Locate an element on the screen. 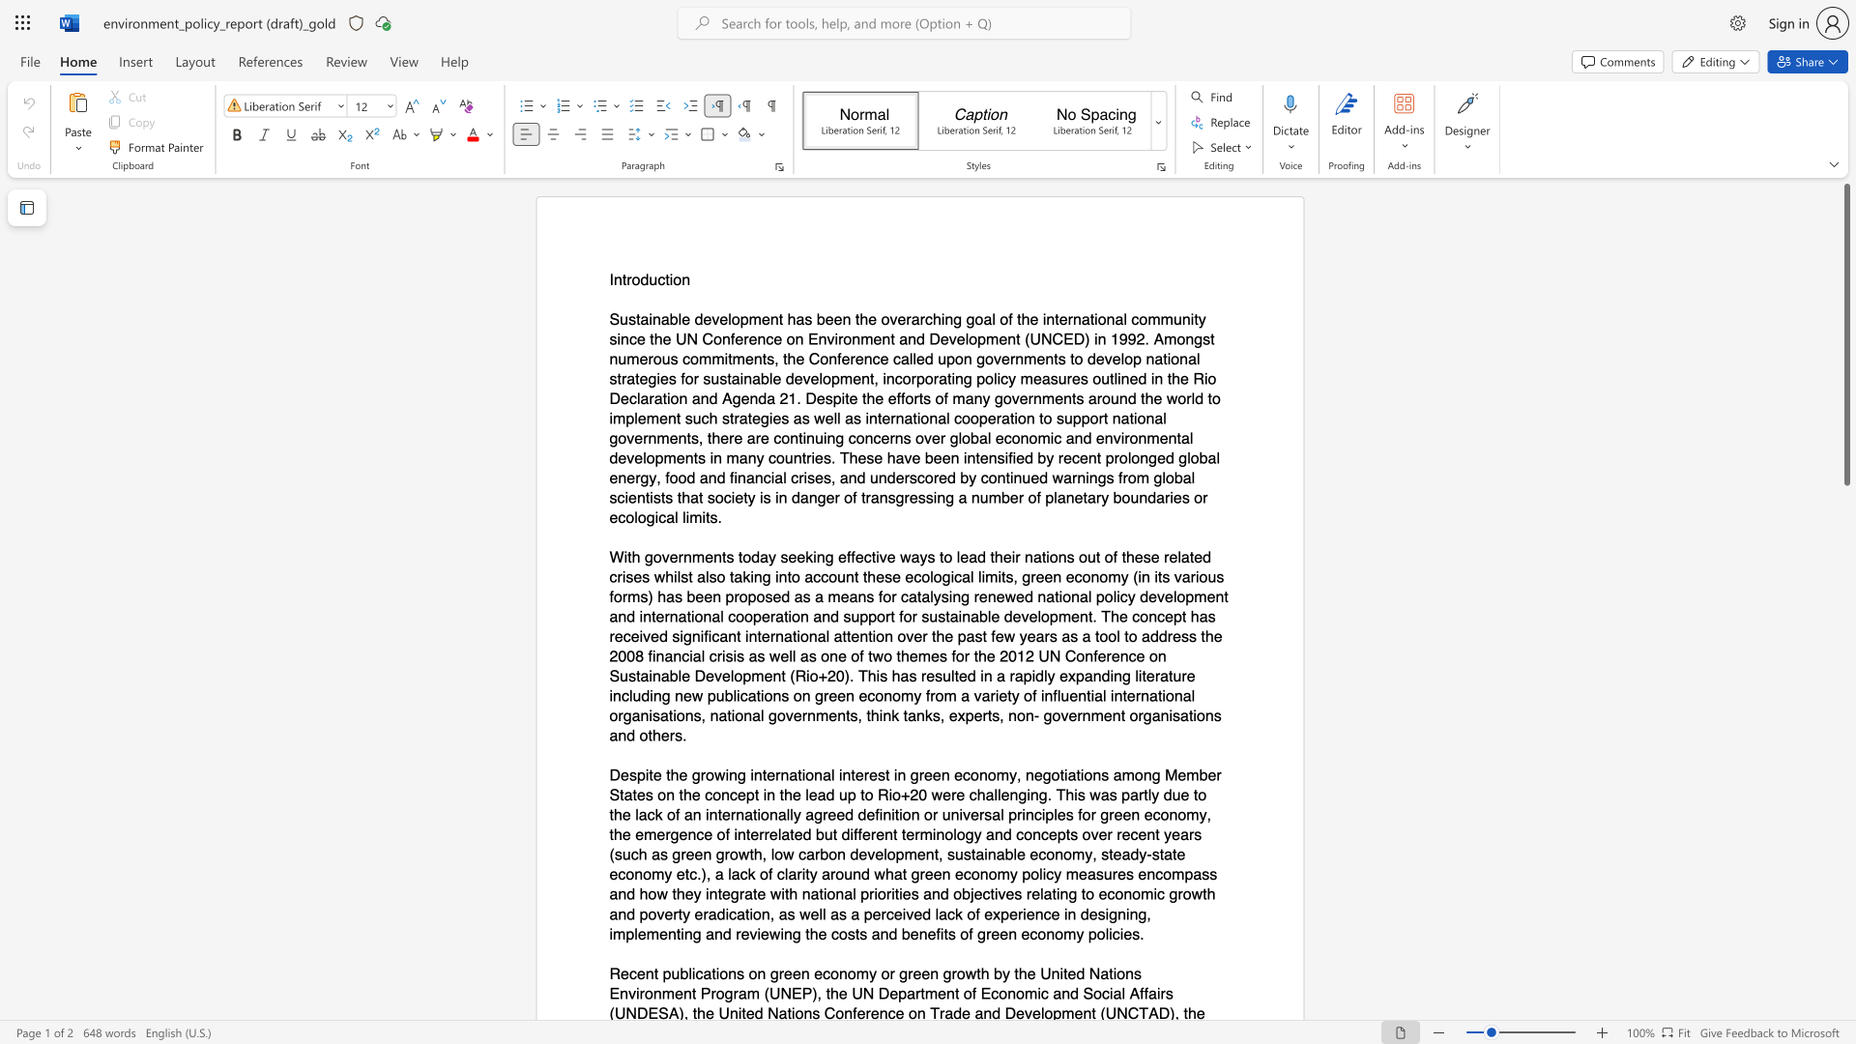 This screenshot has height=1044, width=1856. the scrollbar to adjust the page downward is located at coordinates (1845, 763).